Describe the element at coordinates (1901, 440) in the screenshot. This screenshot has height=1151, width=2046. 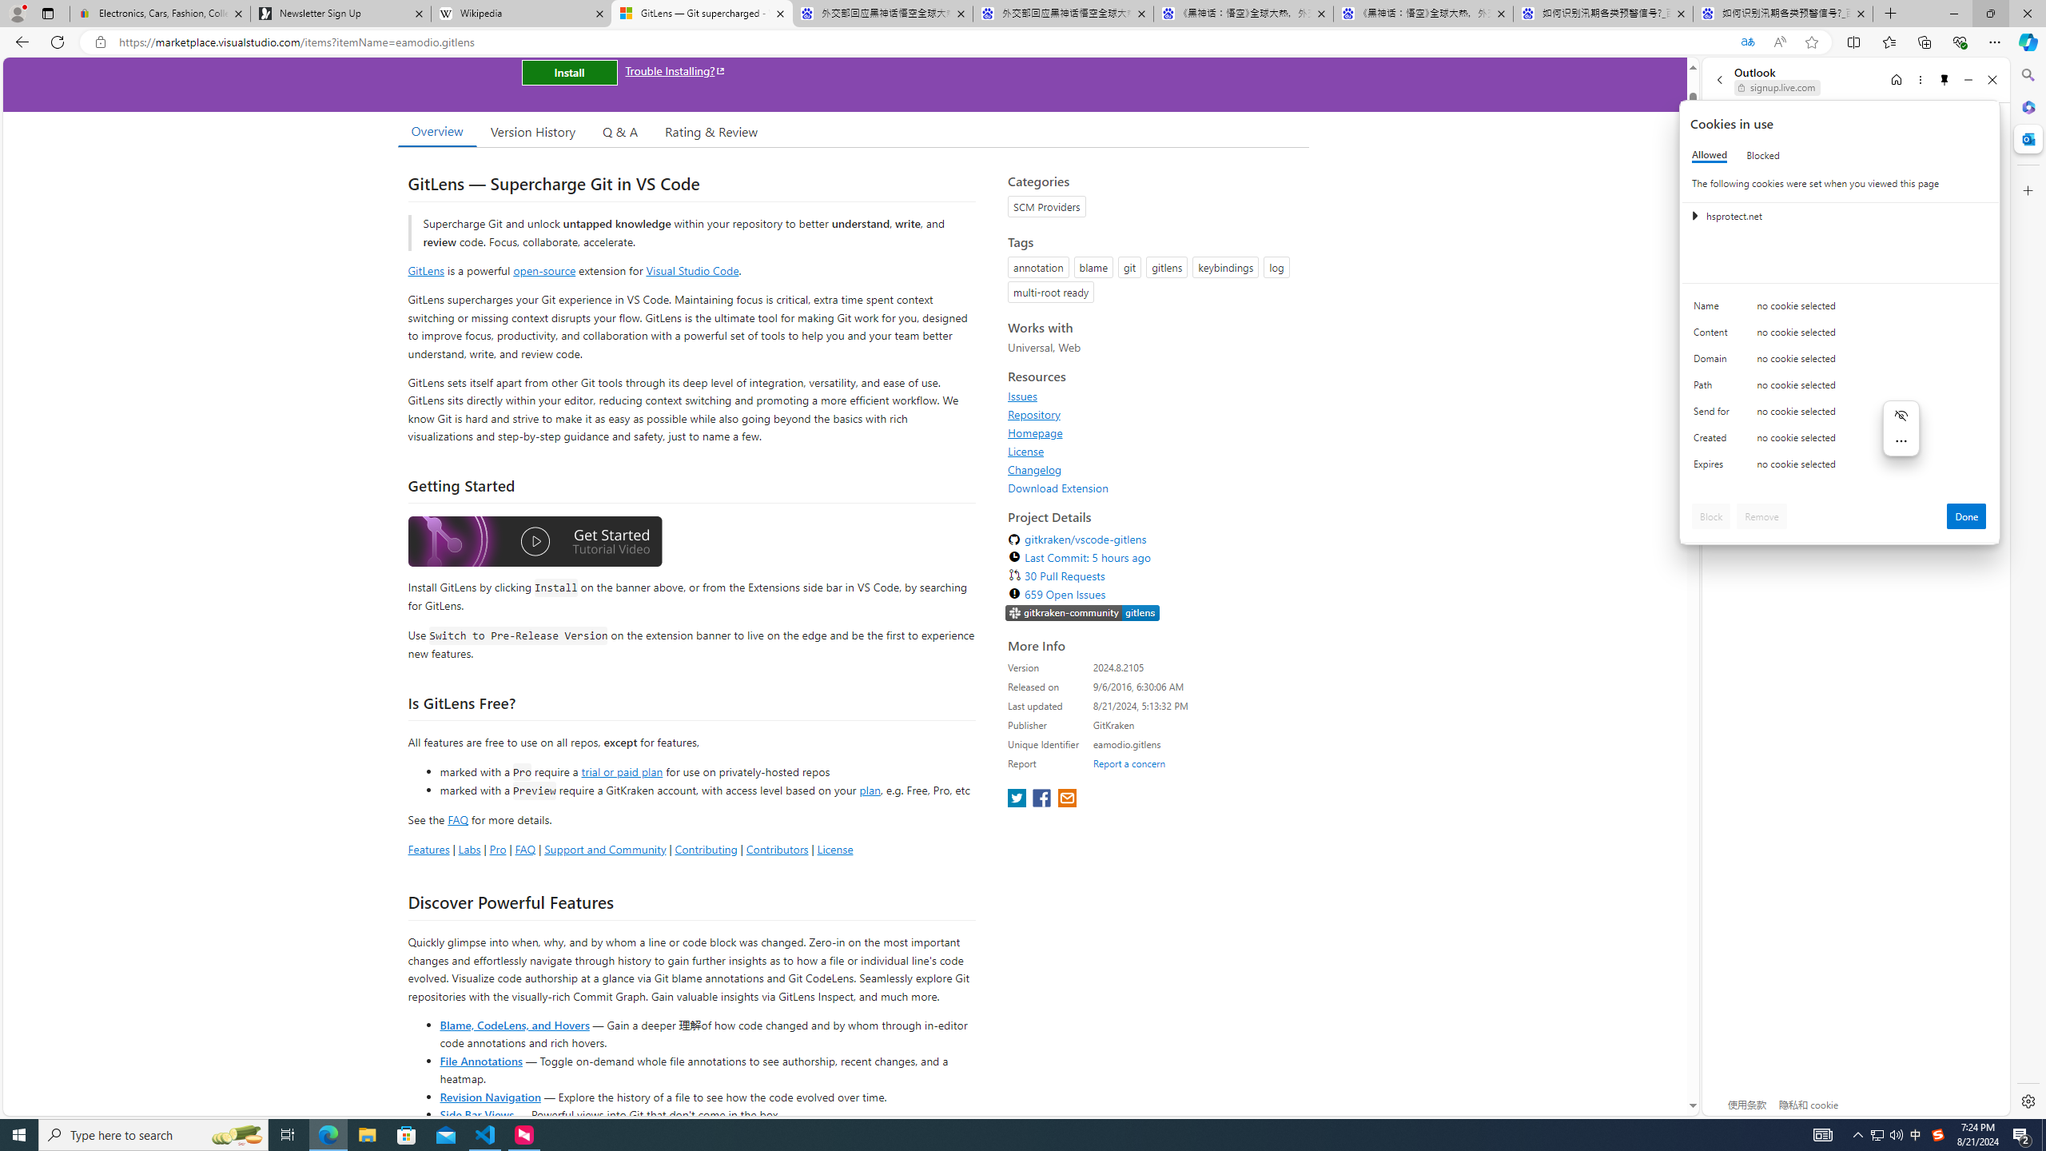
I see `'More actions'` at that location.